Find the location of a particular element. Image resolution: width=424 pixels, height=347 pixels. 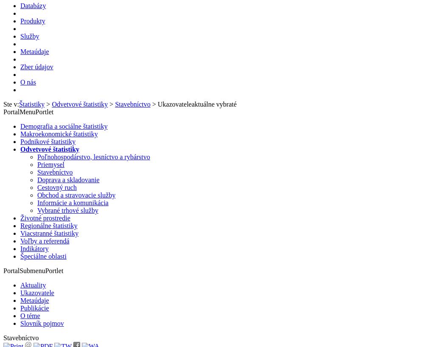

'Vybrané trhové služby' is located at coordinates (67, 210).